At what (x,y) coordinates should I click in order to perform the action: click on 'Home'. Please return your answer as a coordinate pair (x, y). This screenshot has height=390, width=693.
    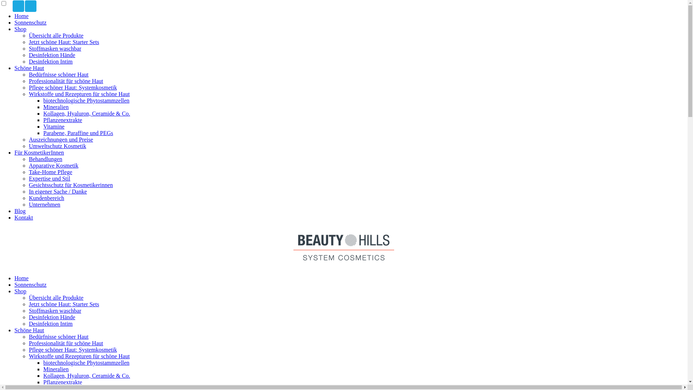
    Looking at the image, I should click on (21, 278).